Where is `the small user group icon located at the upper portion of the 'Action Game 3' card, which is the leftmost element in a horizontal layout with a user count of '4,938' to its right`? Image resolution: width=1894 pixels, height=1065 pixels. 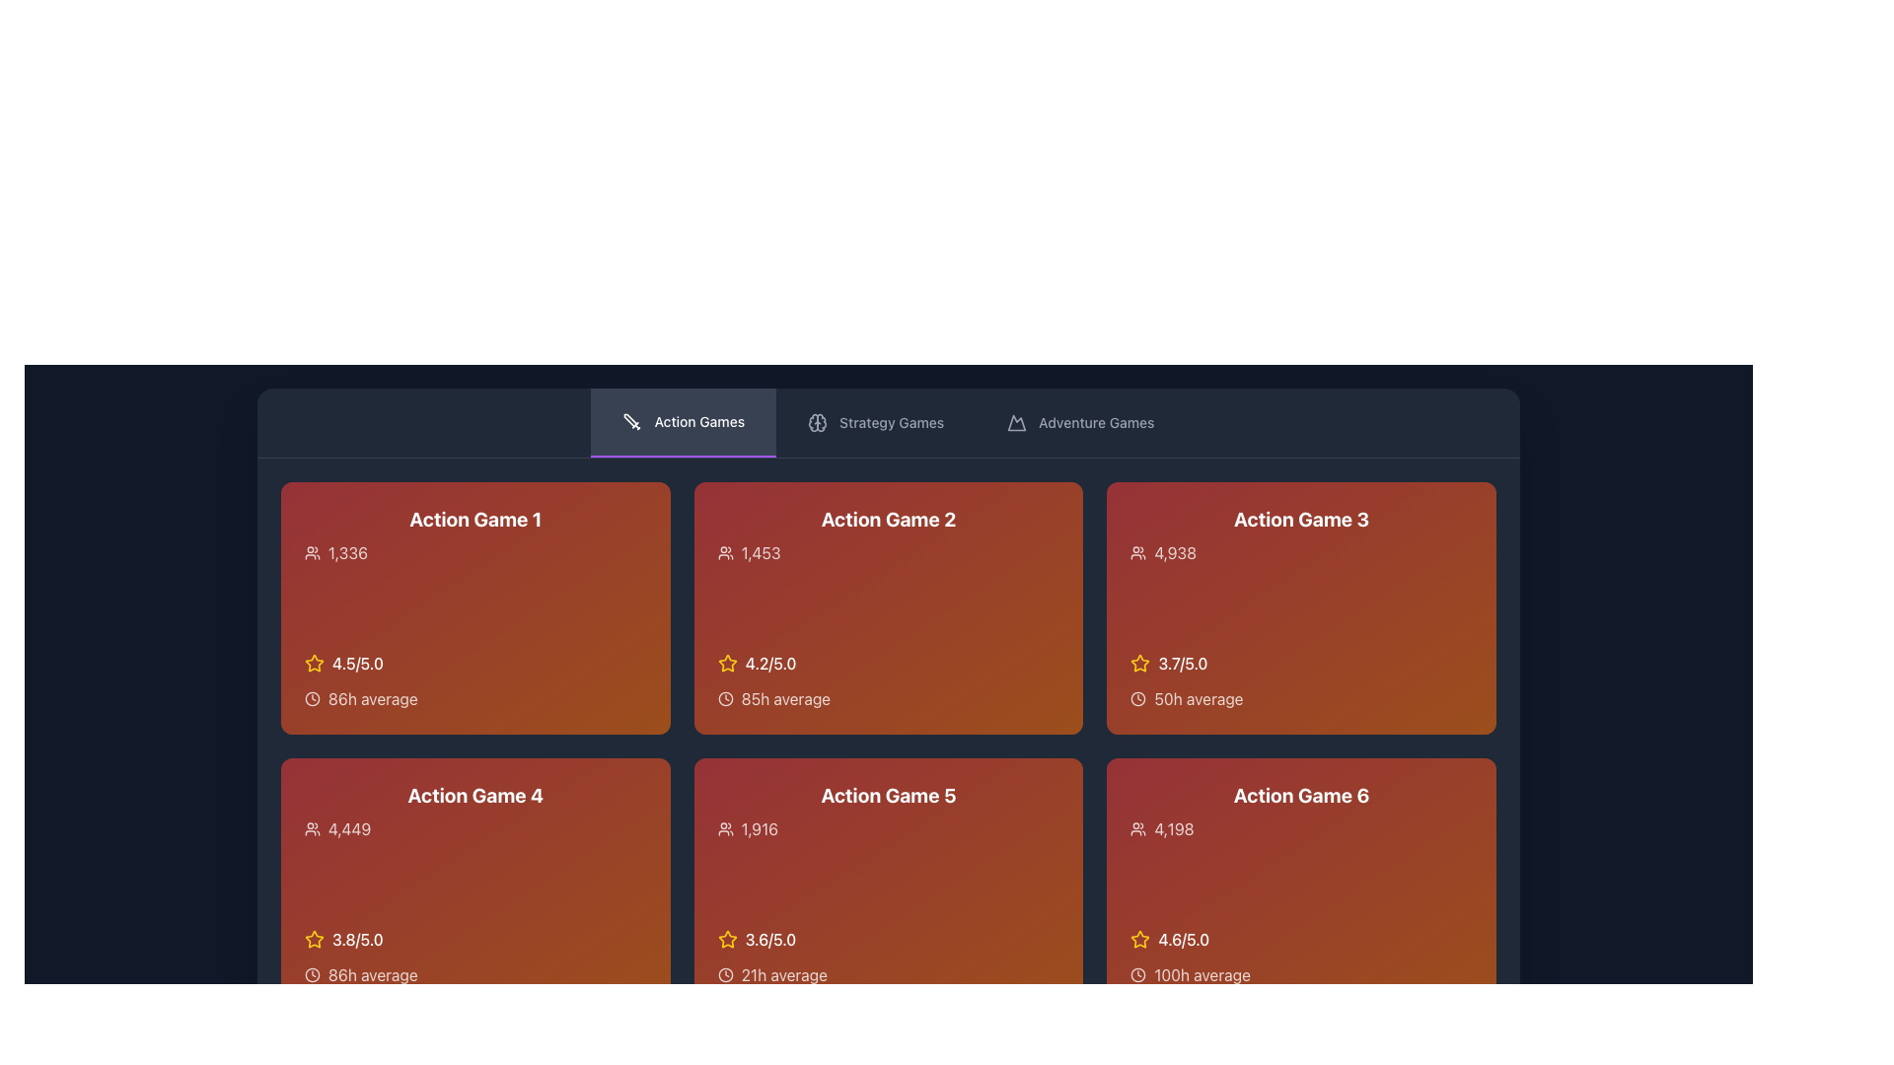
the small user group icon located at the upper portion of the 'Action Game 3' card, which is the leftmost element in a horizontal layout with a user count of '4,938' to its right is located at coordinates (1138, 552).